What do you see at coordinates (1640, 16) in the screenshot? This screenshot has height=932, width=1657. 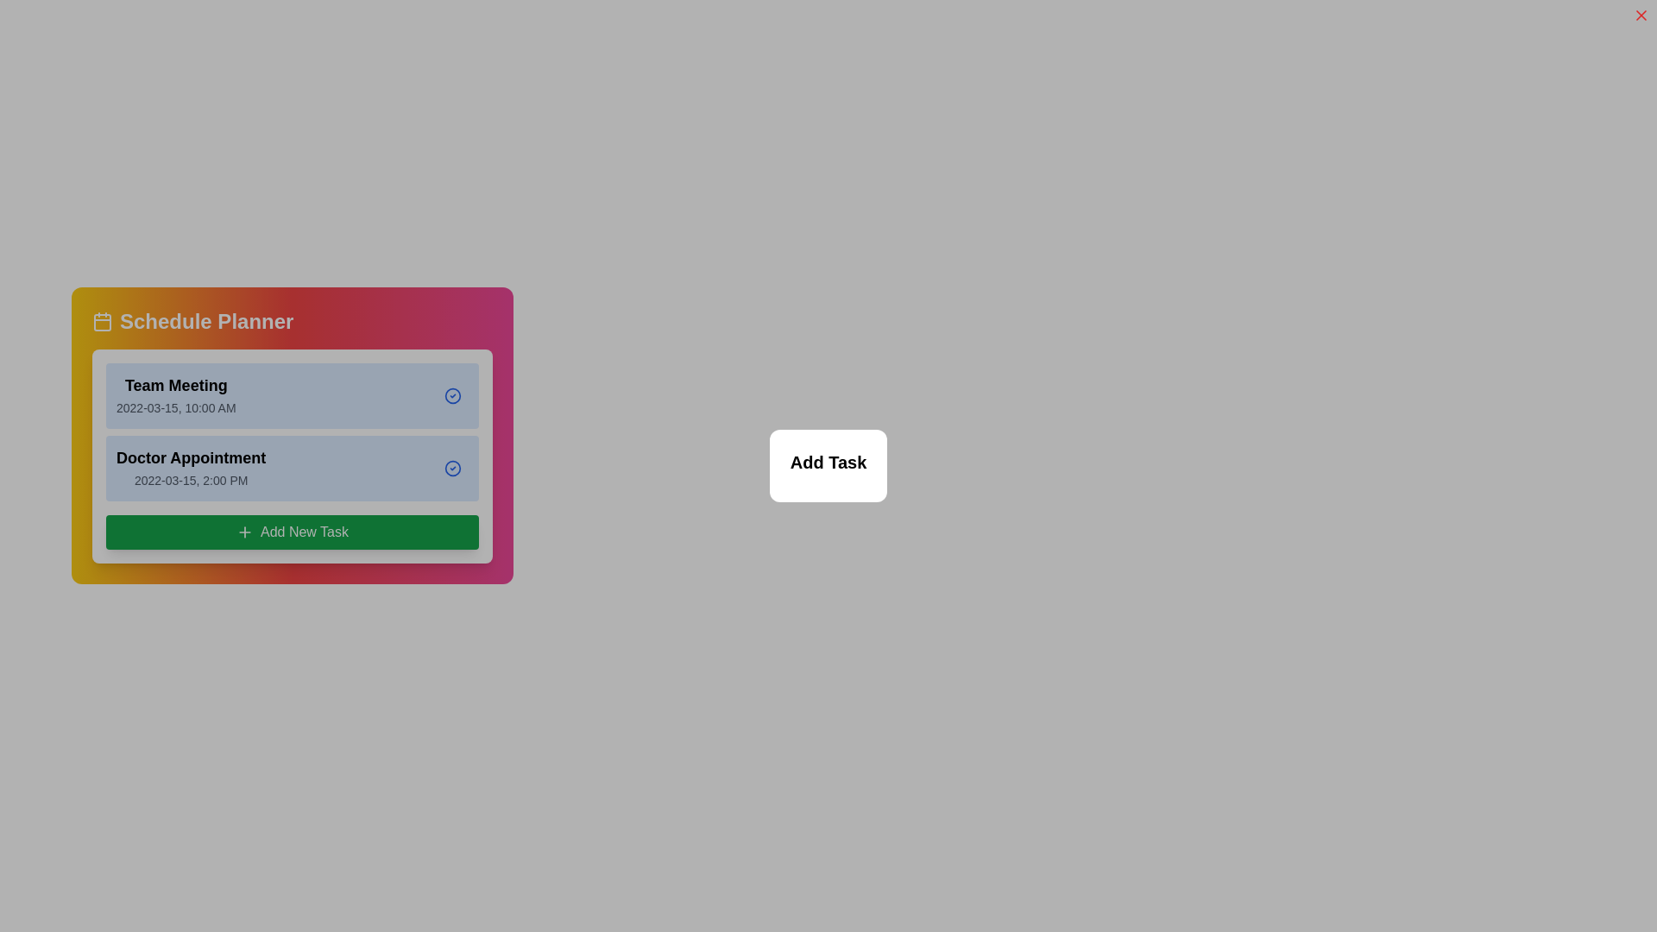 I see `the red cross-shaped icon located in the upper-right corner of the interface` at bounding box center [1640, 16].